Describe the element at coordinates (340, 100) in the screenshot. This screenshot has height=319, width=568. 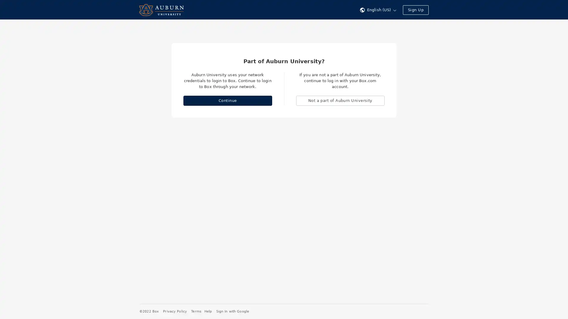
I see `Not a part of Auburn University` at that location.